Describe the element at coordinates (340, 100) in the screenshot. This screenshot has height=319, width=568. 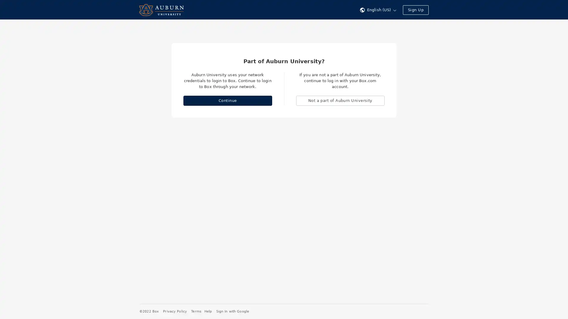
I see `Not a part of Auburn University` at that location.